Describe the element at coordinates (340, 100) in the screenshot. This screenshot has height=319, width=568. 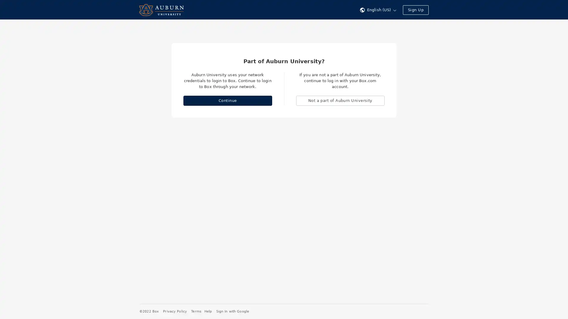
I see `Not a part of Auburn University` at that location.